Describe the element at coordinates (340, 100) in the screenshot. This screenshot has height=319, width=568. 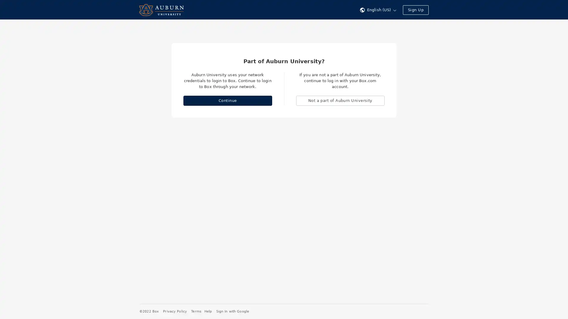
I see `Not a part of Auburn University` at that location.